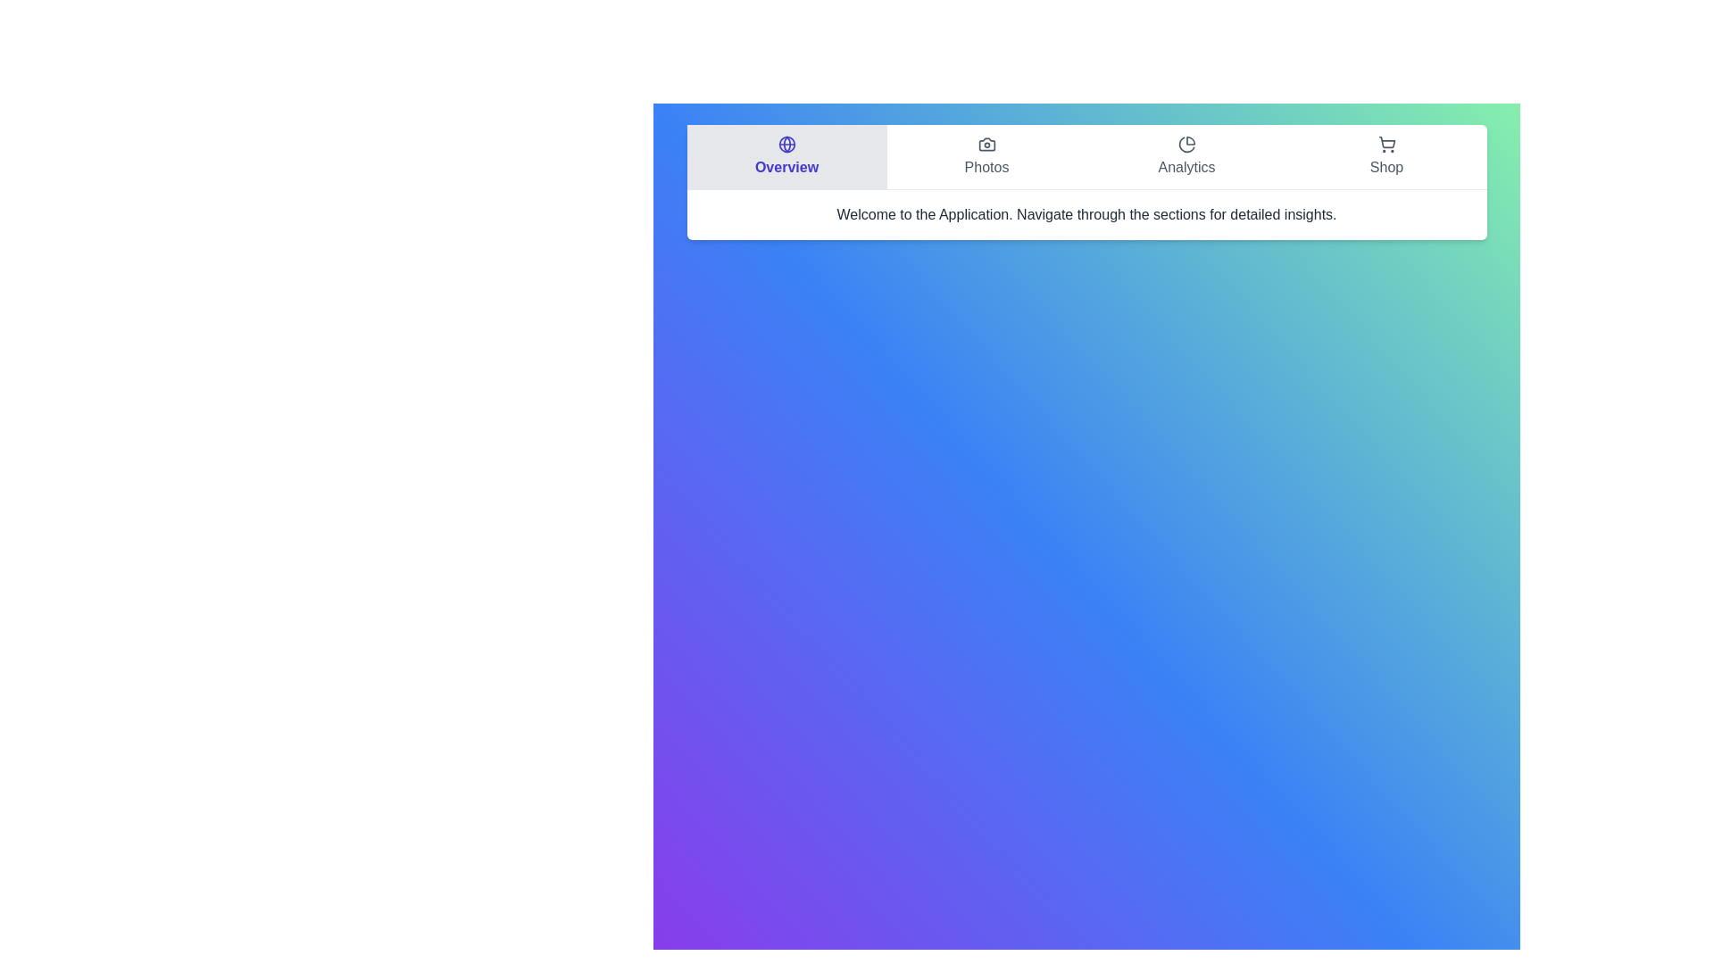 This screenshot has width=1714, height=964. Describe the element at coordinates (986, 156) in the screenshot. I see `the navigation button located in the second slot of the horizontal navigation bar` at that location.